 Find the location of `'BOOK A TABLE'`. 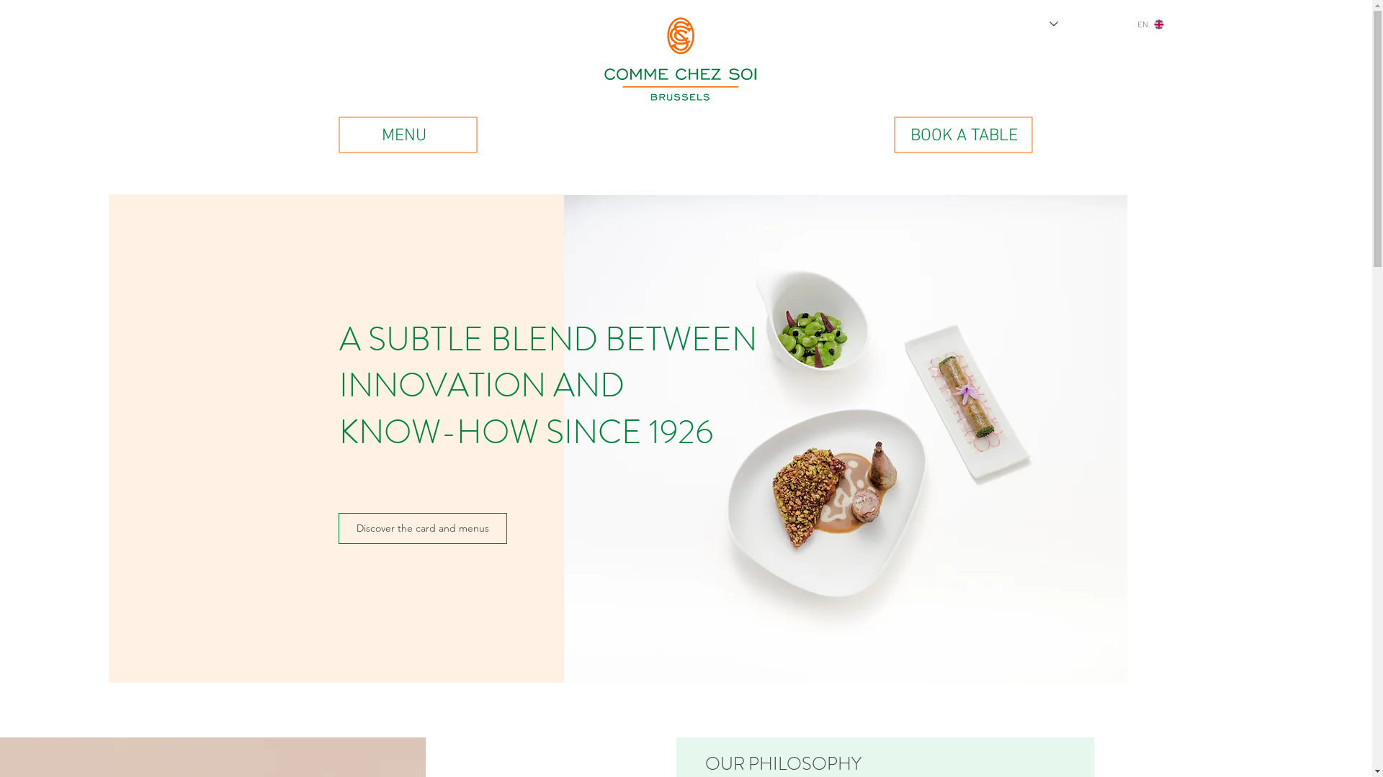

'BOOK A TABLE' is located at coordinates (964, 134).